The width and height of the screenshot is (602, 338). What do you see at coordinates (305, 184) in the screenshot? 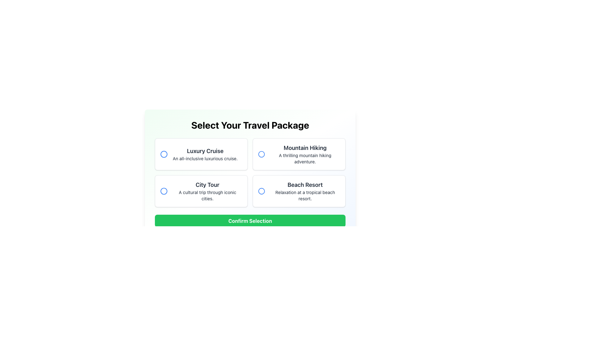
I see `the Text Label that displays 'Beach Resort', located in the lower-right quadrant of the travel options, specifically the third option in the right column under 'Select Your Travel Package'` at bounding box center [305, 184].